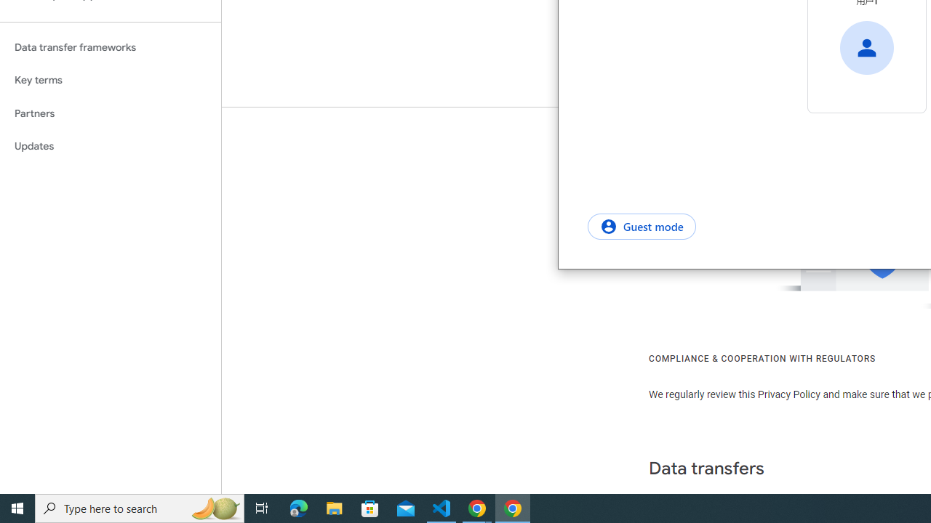 The width and height of the screenshot is (931, 523). I want to click on 'Start', so click(17, 507).